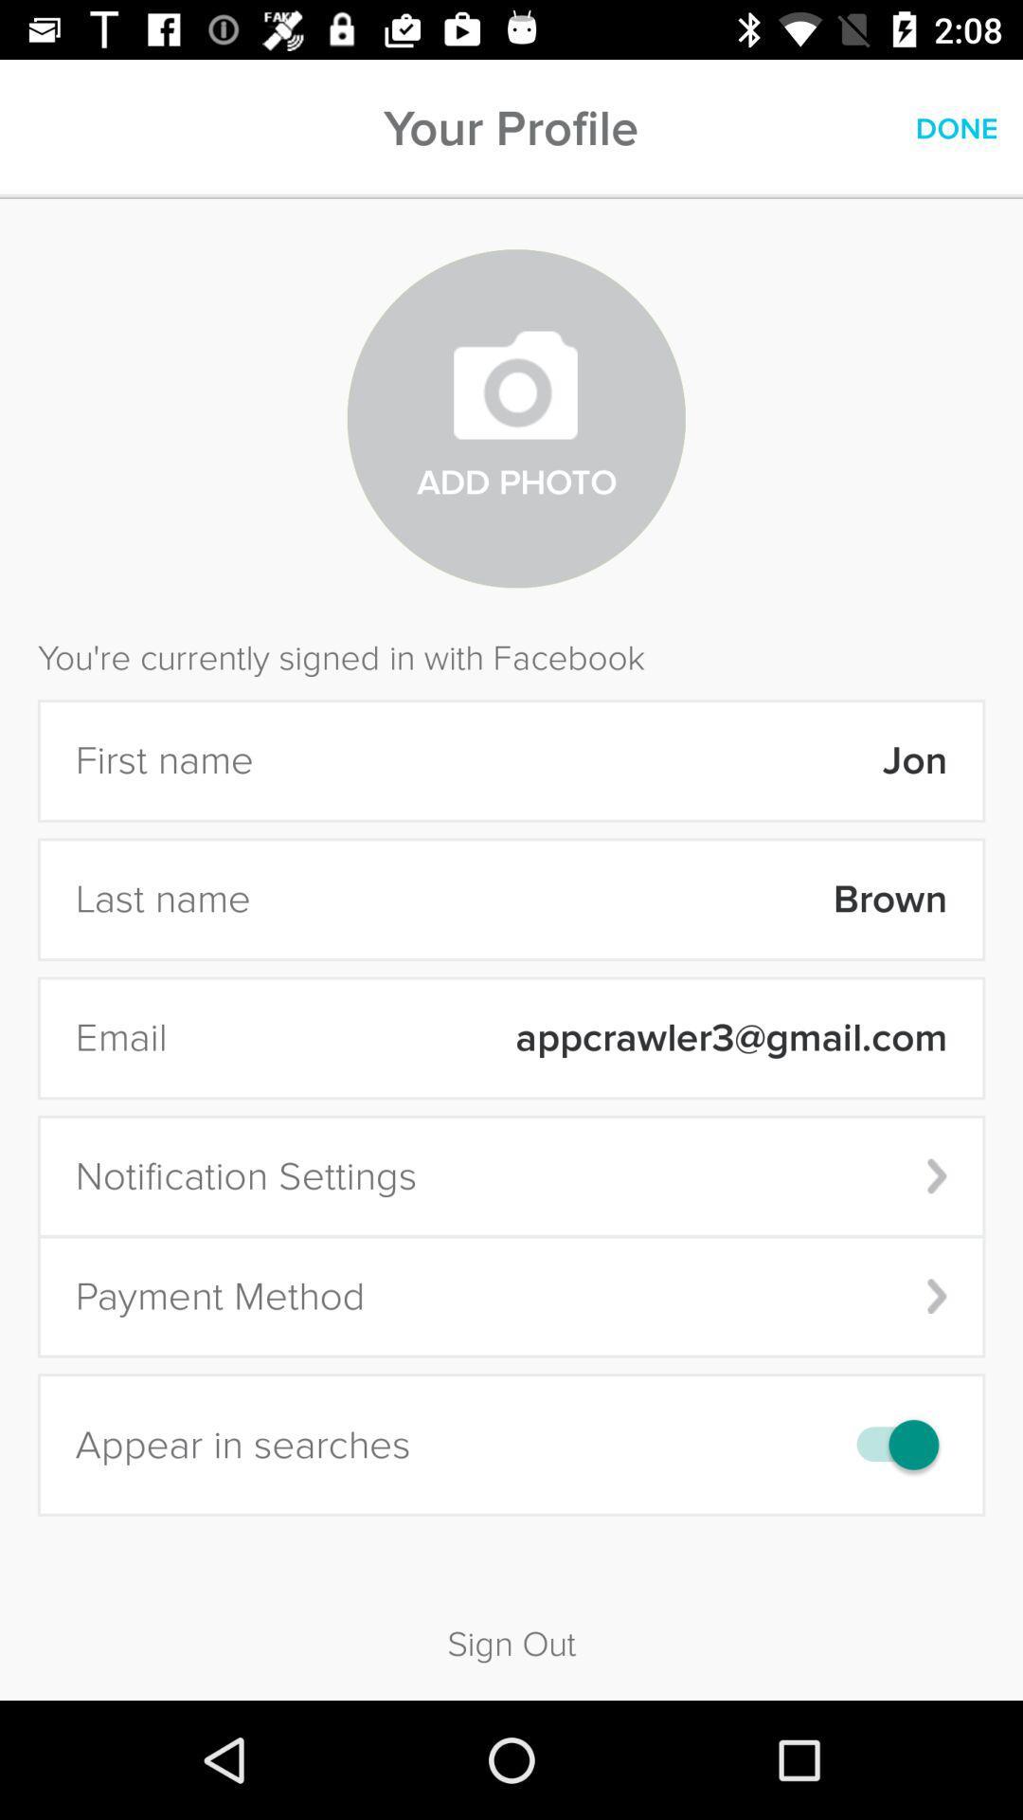  I want to click on the jon, so click(613, 760).